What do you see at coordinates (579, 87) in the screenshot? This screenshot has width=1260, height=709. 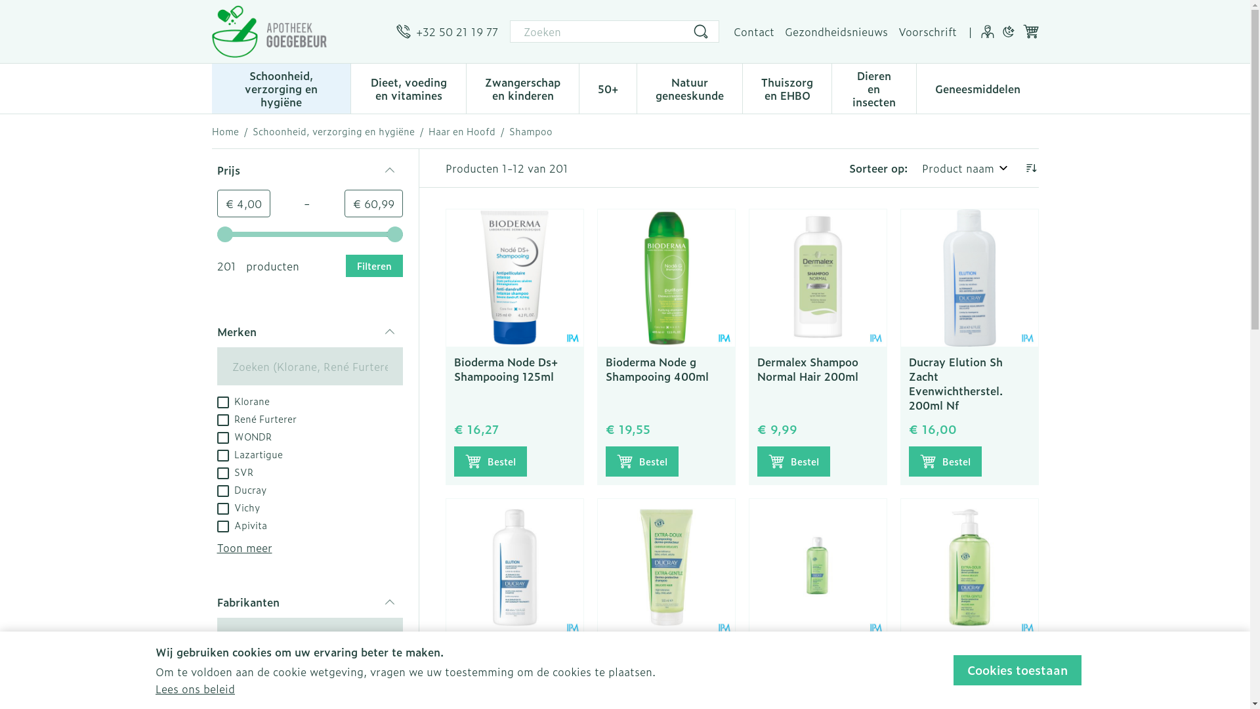 I see `'50+'` at bounding box center [579, 87].